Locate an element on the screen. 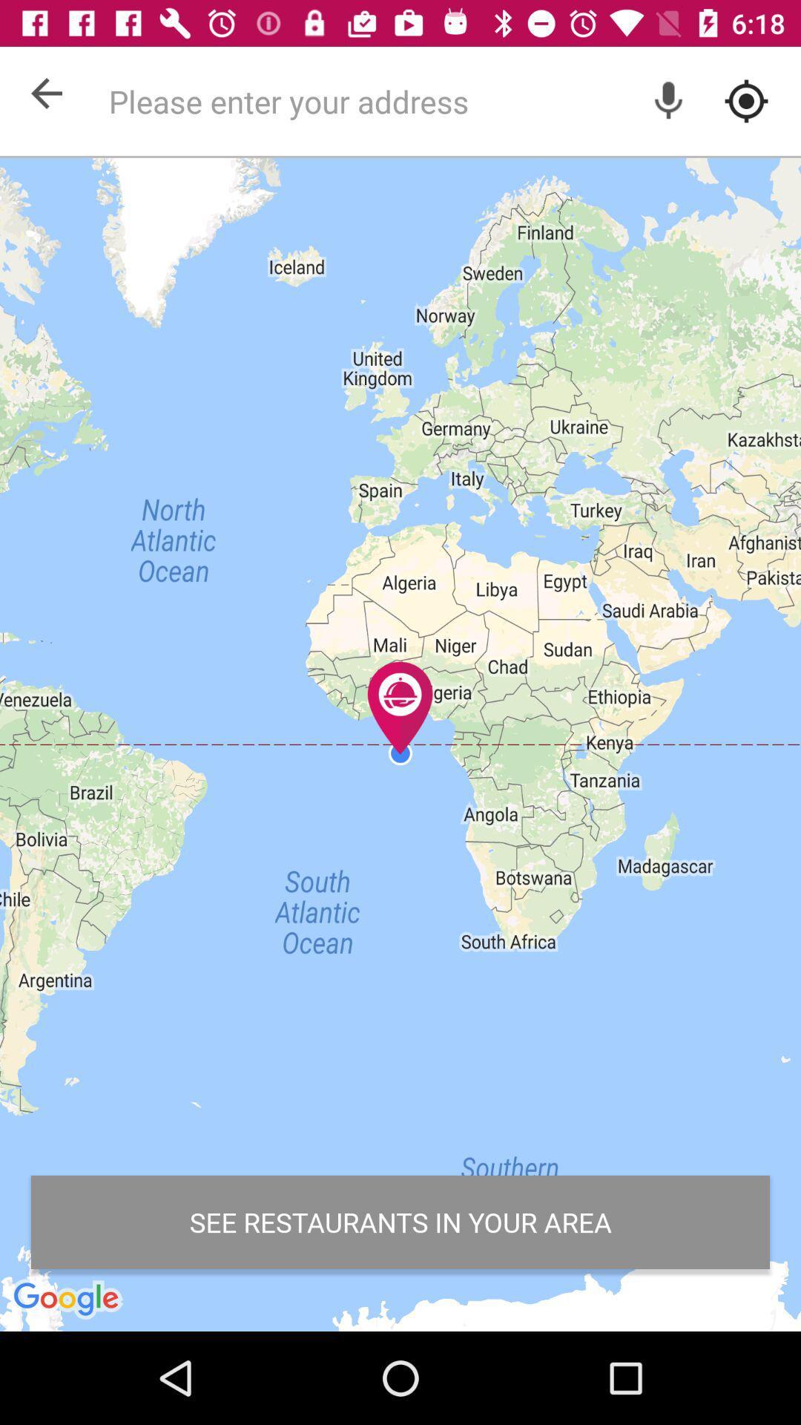 Image resolution: width=801 pixels, height=1425 pixels. address search option is located at coordinates (446, 100).